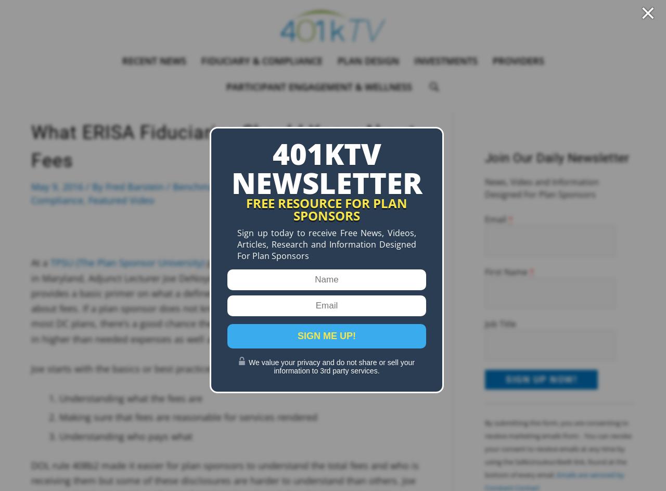  Describe the element at coordinates (201, 60) in the screenshot. I see `'Fiduciary & Compliance'` at that location.